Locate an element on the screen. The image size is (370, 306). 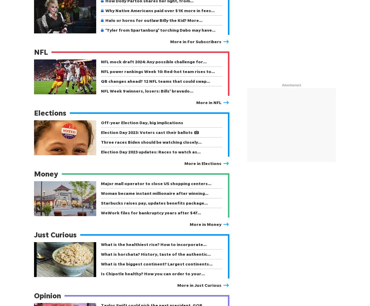
'Major mall operator to close US shopping centers…' is located at coordinates (156, 183).